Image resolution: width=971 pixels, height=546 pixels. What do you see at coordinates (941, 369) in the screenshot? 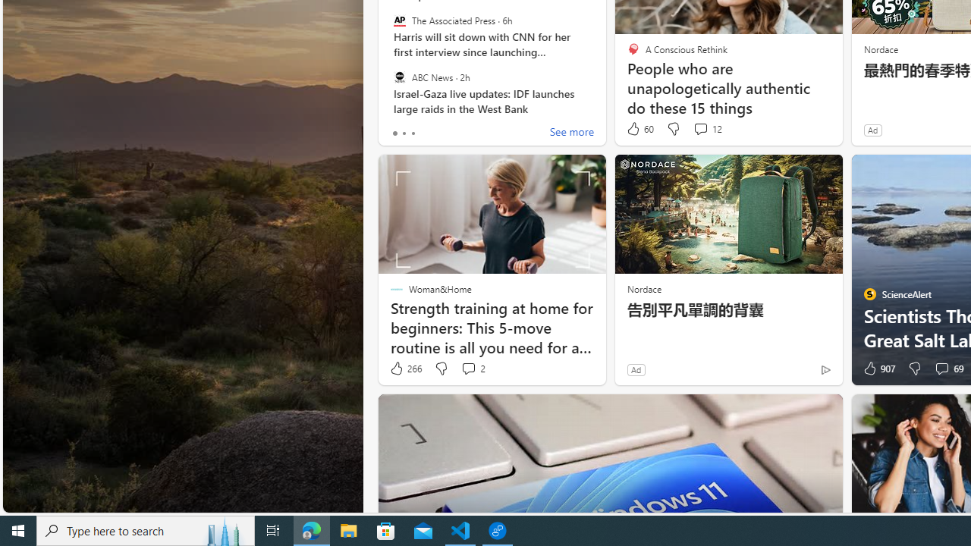
I see `'View comments 69 Comment'` at bounding box center [941, 369].